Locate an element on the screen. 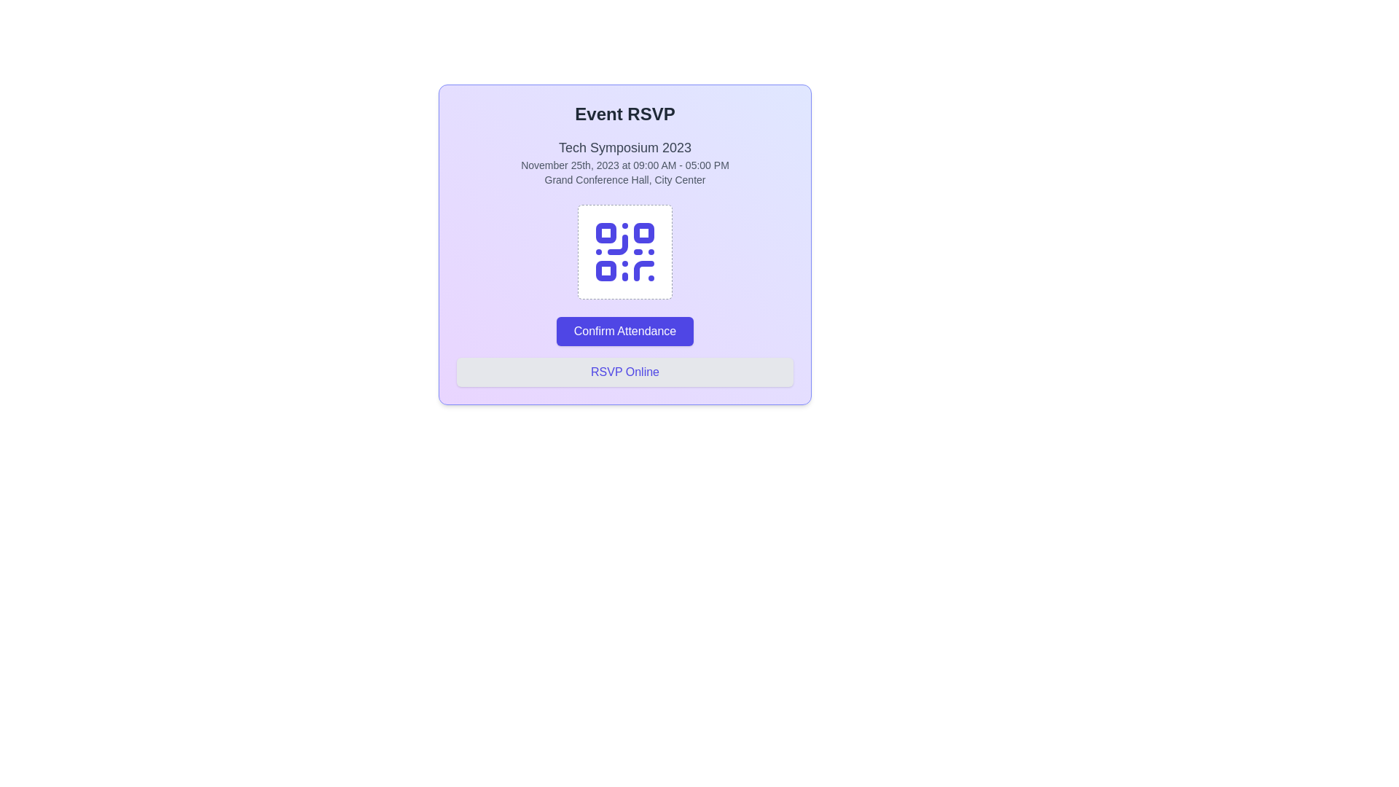 The width and height of the screenshot is (1399, 787). the static text label that informs the user about the venue of the event, positioned centrally below the event date and time information and above a QR code is located at coordinates (625, 179).